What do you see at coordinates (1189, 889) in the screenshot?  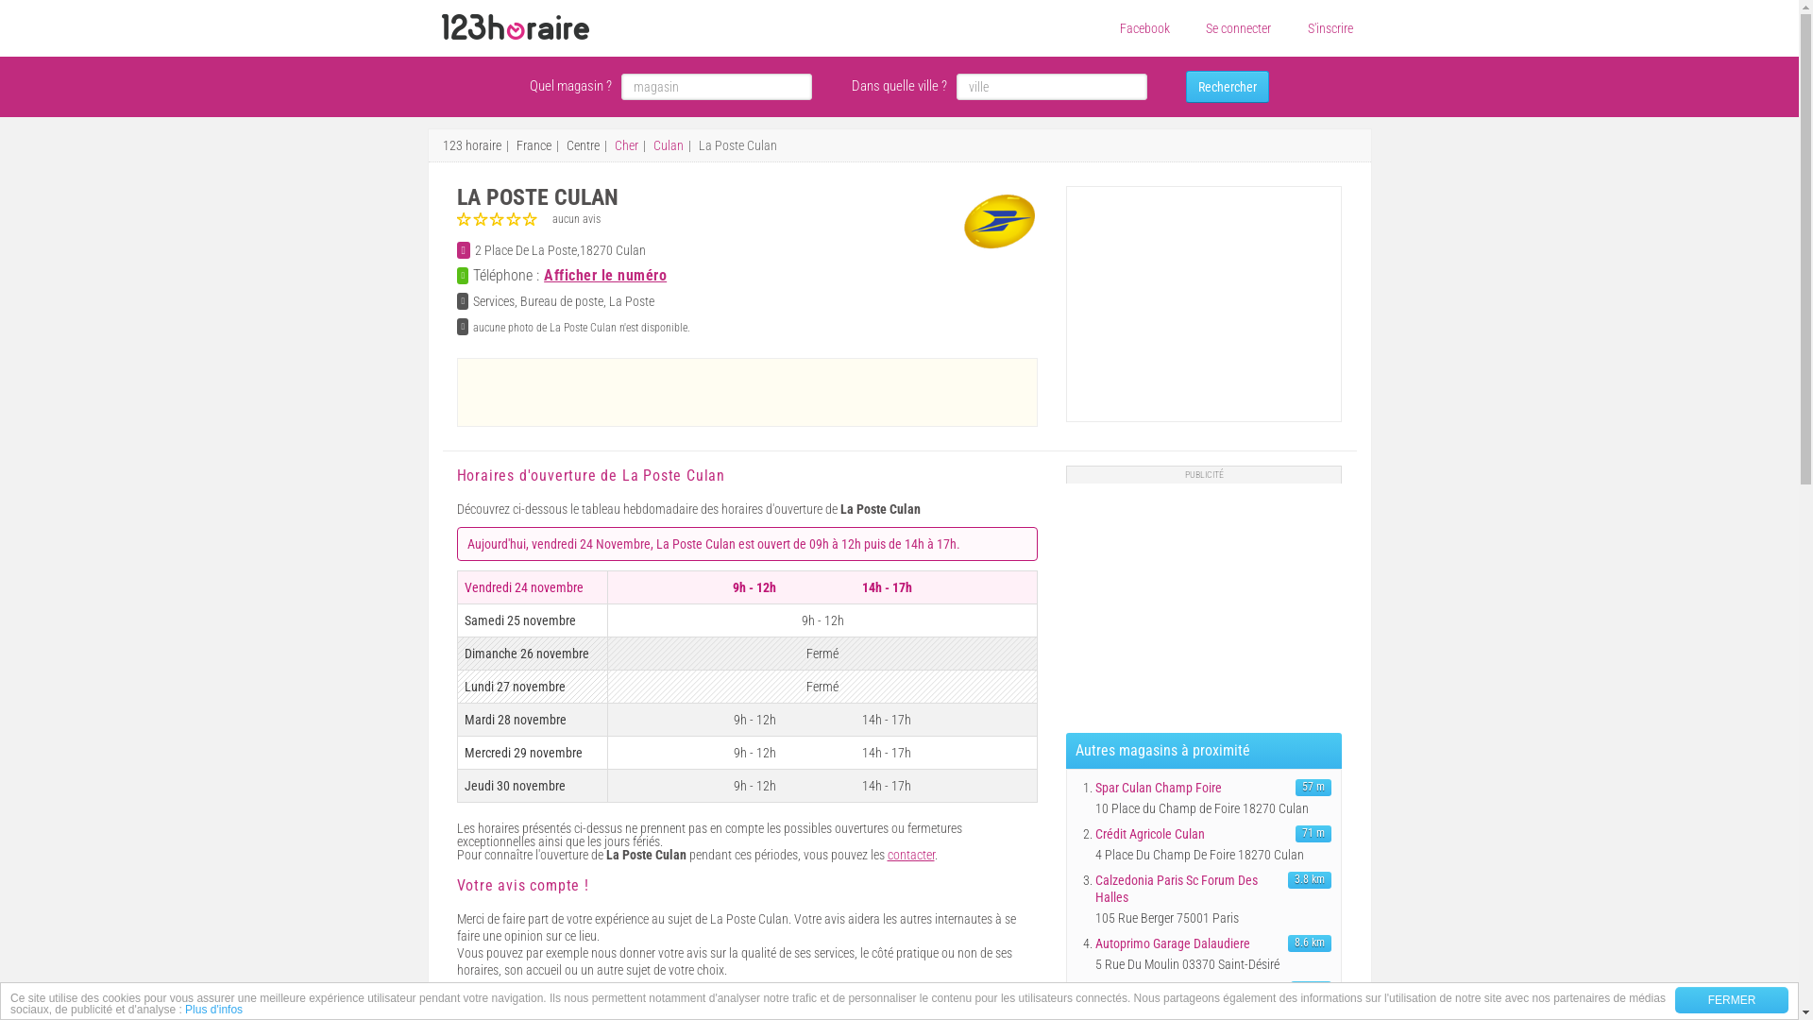 I see `'Calzedonia Paris Sc Forum Des Halles'` at bounding box center [1189, 889].